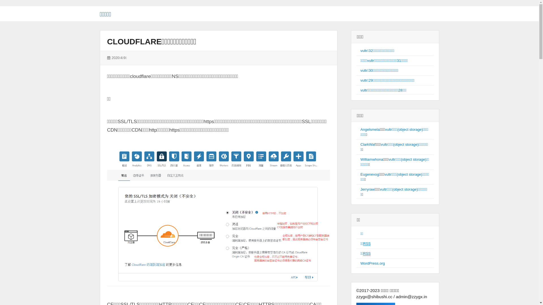  I want to click on 'Angelsmela', so click(370, 129).